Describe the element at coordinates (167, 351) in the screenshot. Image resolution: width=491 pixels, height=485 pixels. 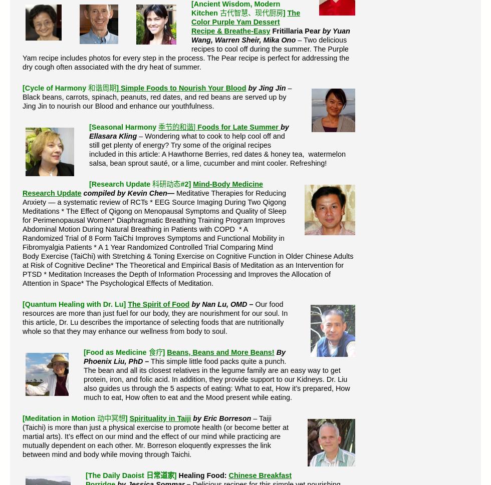
I see `'Beans, Beans and More Beans!'` at that location.